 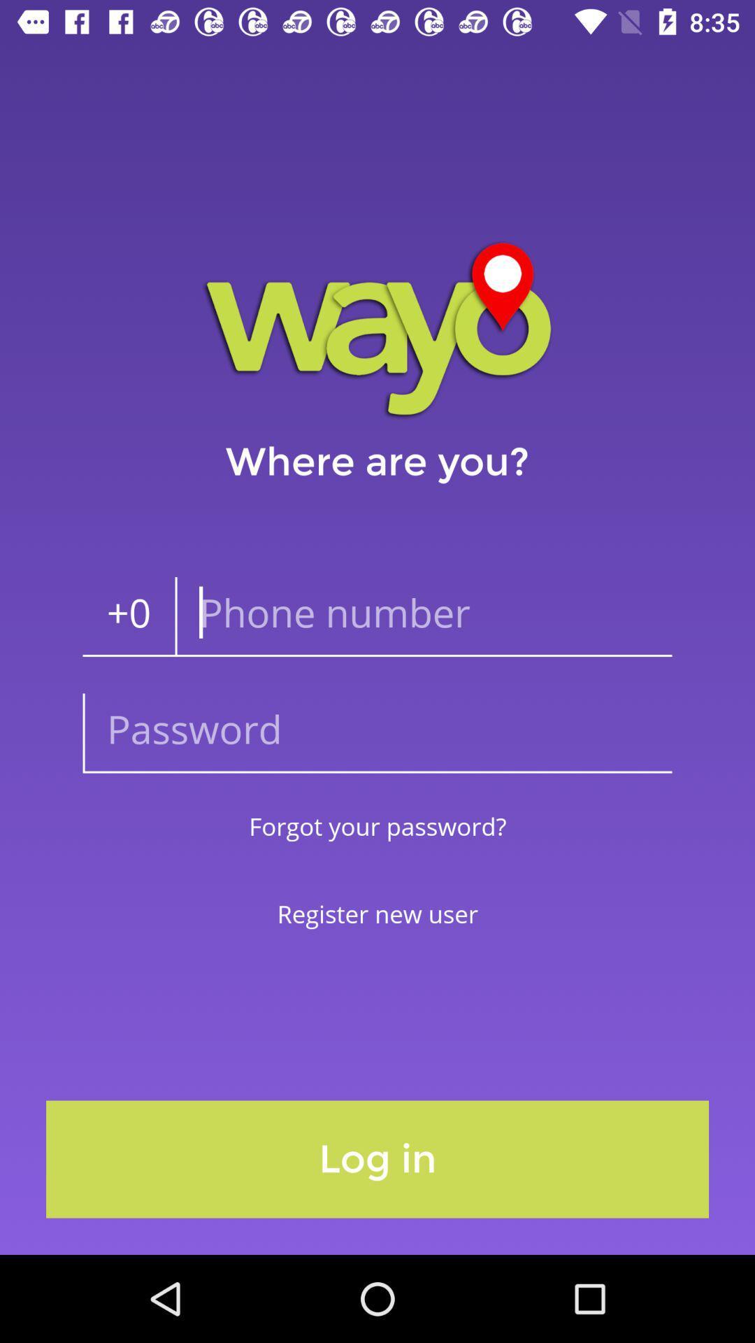 What do you see at coordinates (422, 616) in the screenshot?
I see `icon next to +0 icon` at bounding box center [422, 616].